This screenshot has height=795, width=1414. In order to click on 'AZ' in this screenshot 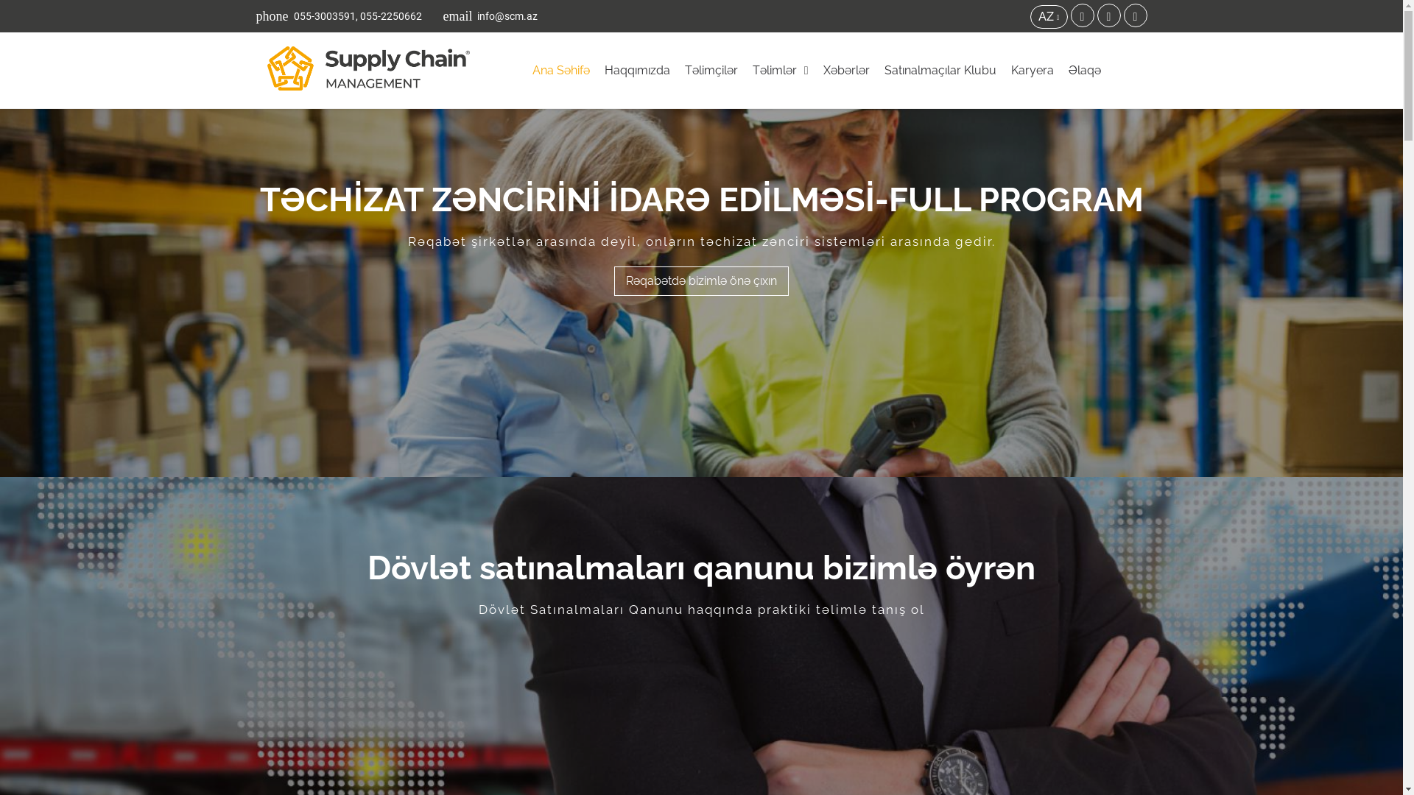, I will do `click(1029, 17)`.